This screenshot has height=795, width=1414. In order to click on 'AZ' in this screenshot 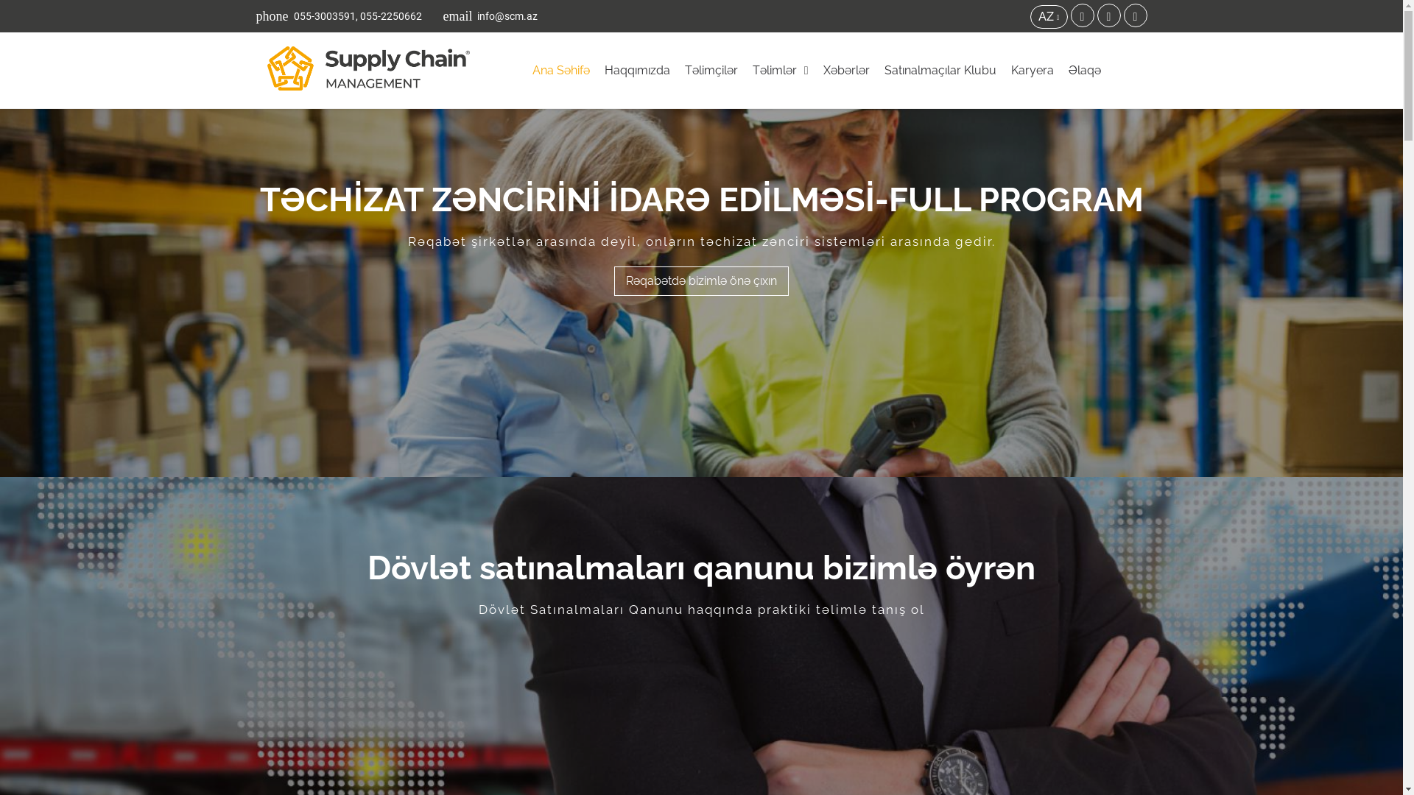, I will do `click(1029, 17)`.